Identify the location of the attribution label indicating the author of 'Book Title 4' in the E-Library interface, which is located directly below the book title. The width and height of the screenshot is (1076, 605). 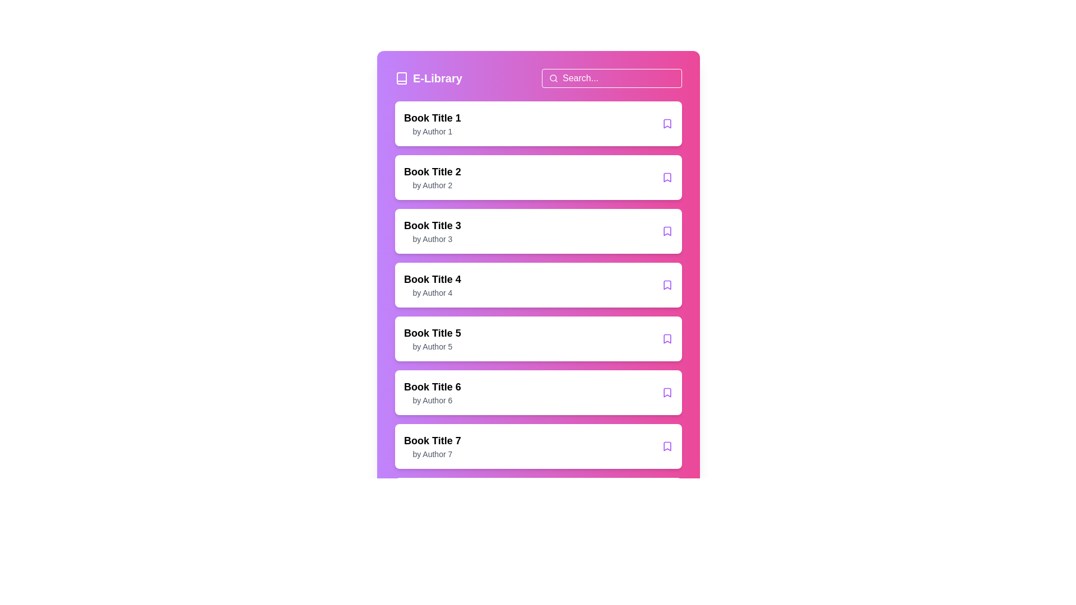
(432, 292).